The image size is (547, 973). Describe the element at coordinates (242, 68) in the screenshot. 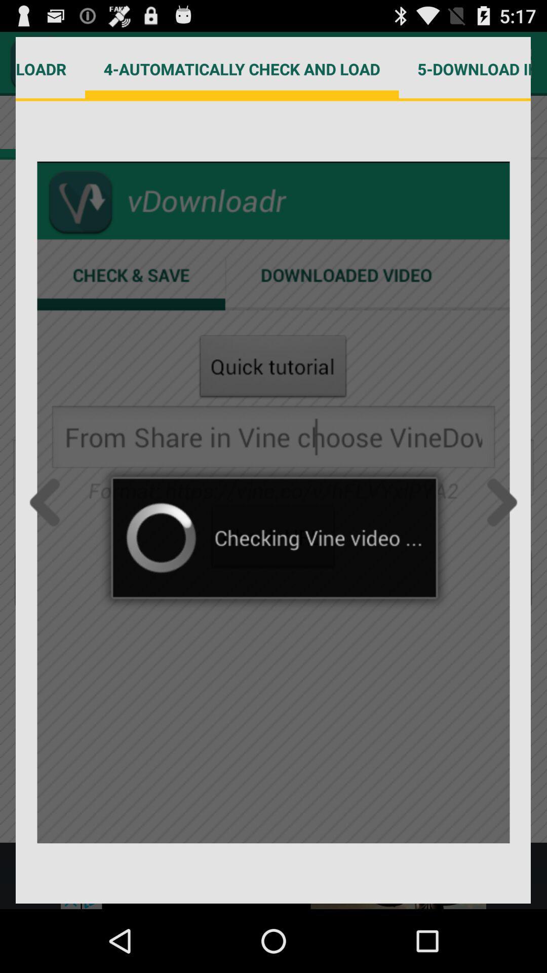

I see `icon to the left of the 5 download in app` at that location.